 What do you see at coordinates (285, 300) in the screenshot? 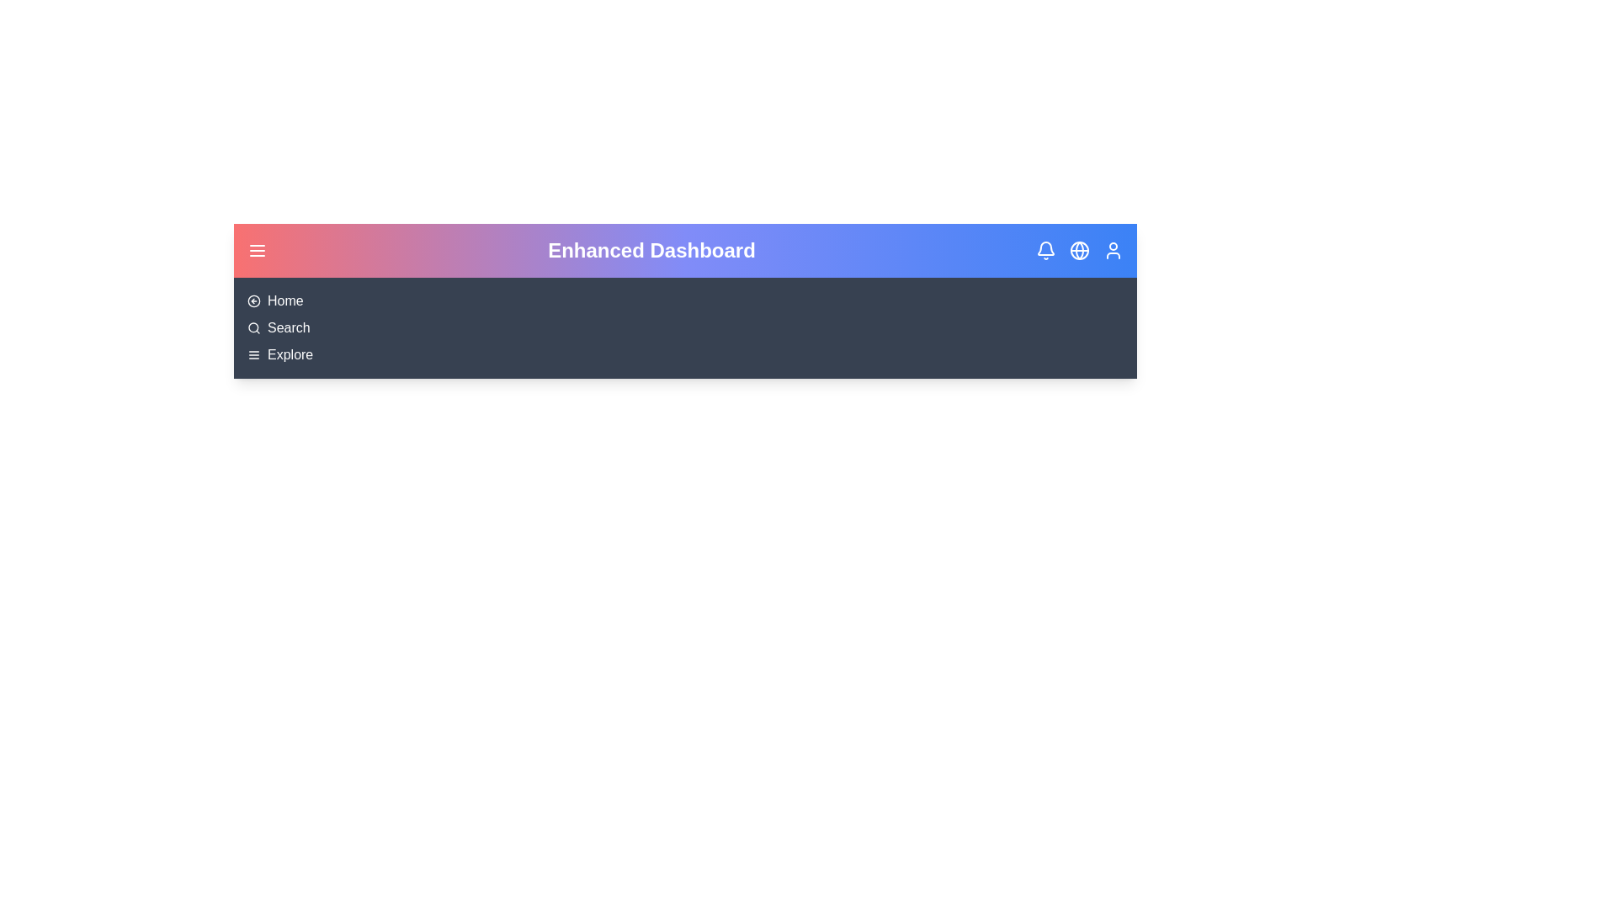
I see `the 'Home' navigation item in the navigation menu` at bounding box center [285, 300].